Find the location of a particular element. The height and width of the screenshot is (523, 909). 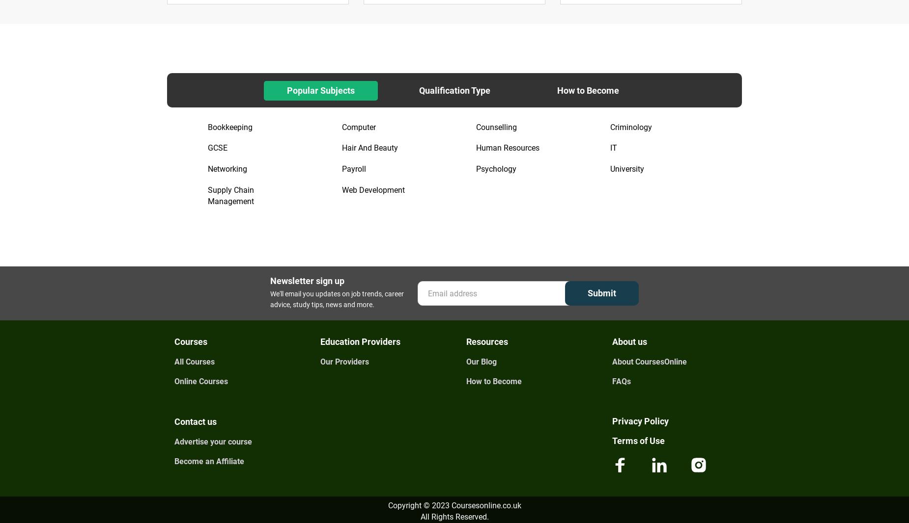

'All Courses' is located at coordinates (194, 361).